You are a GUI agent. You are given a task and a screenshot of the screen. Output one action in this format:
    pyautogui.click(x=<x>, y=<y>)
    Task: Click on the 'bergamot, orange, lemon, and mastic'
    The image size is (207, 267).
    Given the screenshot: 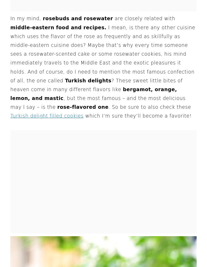 What is the action you would take?
    pyautogui.click(x=93, y=93)
    